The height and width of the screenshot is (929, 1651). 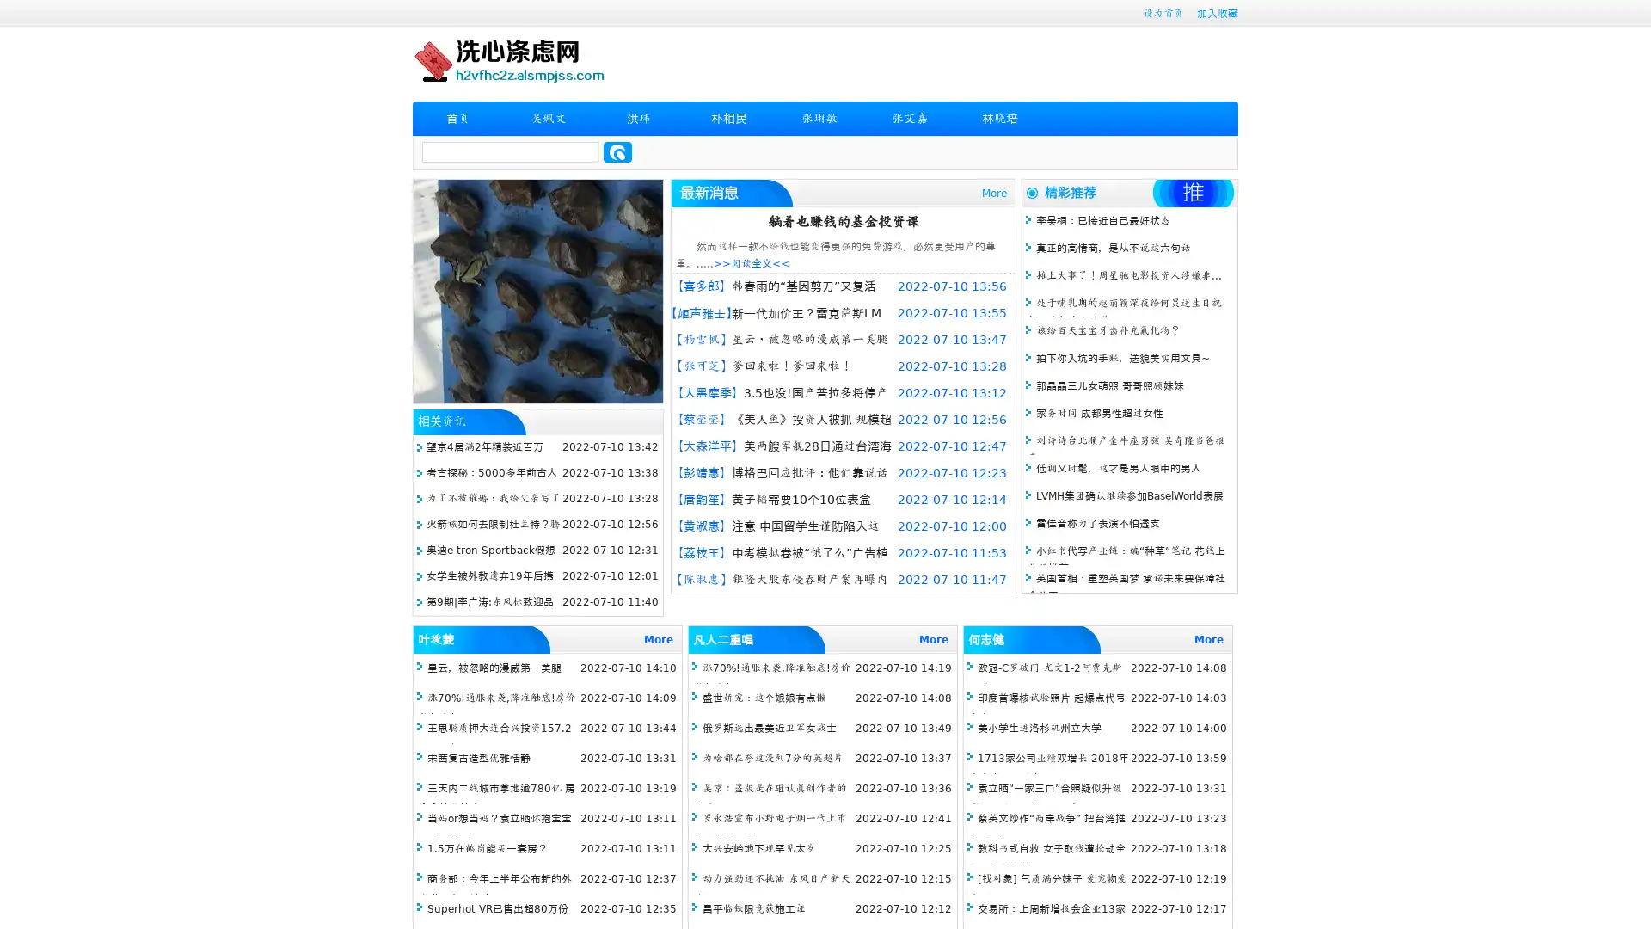 What do you see at coordinates (617, 151) in the screenshot?
I see `Search` at bounding box center [617, 151].